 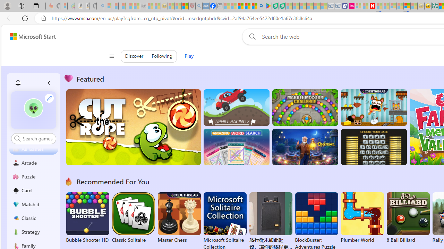 I want to click on 'Latest Politics News & Archive | Newsweek.com', so click(x=372, y=6).